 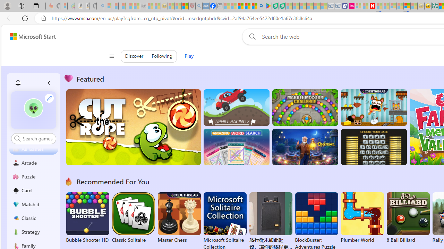 I want to click on 'Latest Politics News & Archive | Newsweek.com', so click(x=372, y=6).